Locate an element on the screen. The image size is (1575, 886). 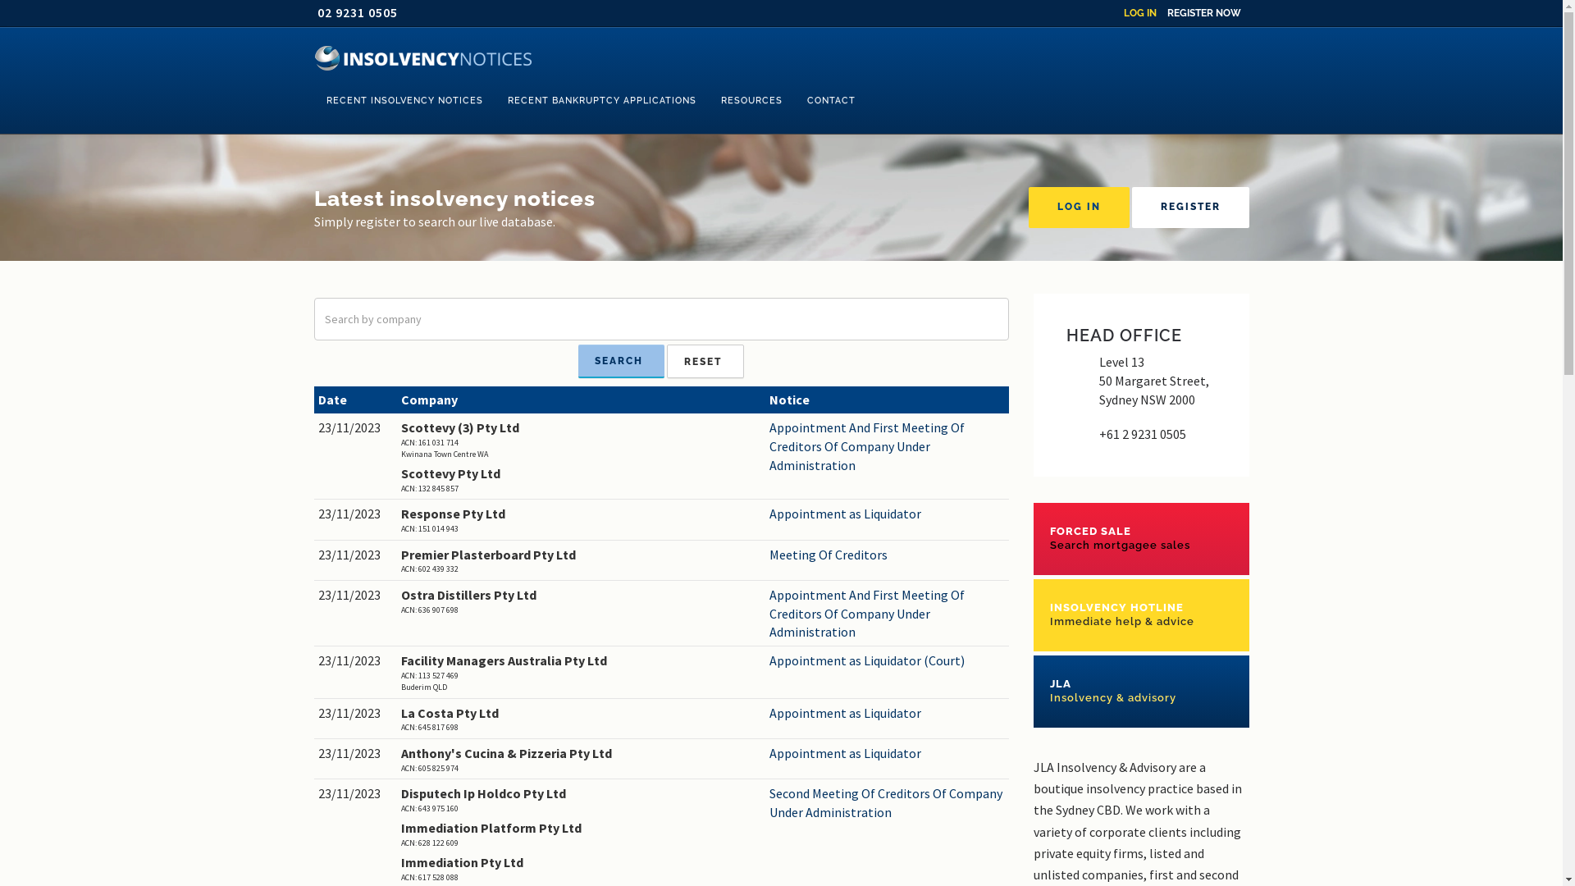
'Ostra Distillers Pty Ltd is located at coordinates (581, 601).